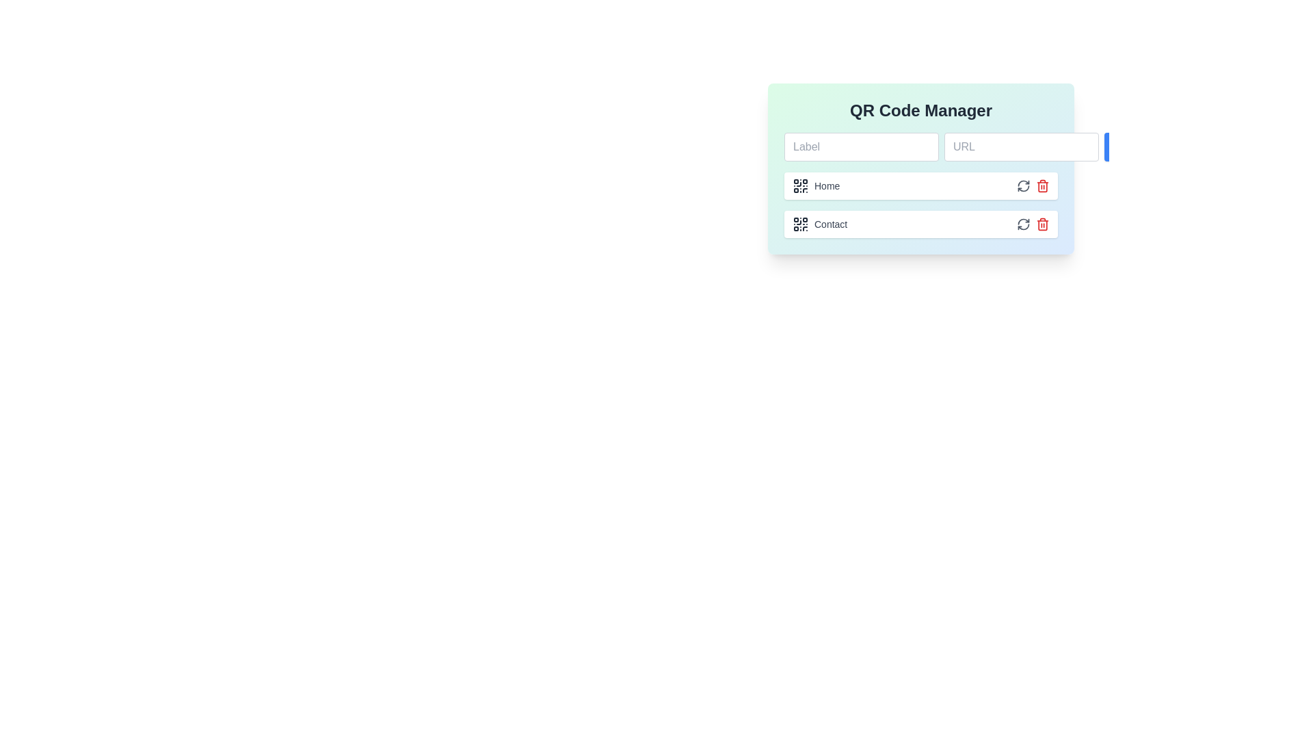 The width and height of the screenshot is (1313, 739). Describe the element at coordinates (1120, 147) in the screenshot. I see `the circular button with a plus sign located in the upper-right corner of the 'QR Code Manager' interface` at that location.